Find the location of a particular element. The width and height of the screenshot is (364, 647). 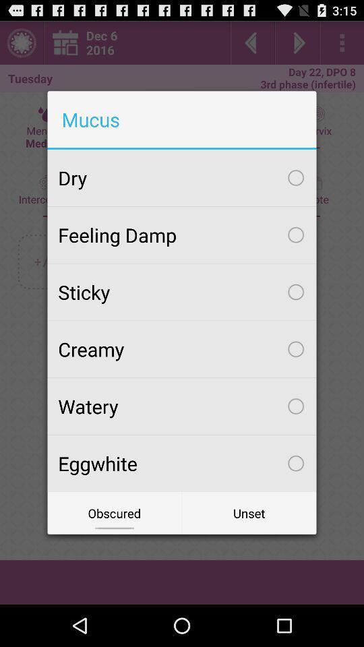

the creamy is located at coordinates (182, 348).